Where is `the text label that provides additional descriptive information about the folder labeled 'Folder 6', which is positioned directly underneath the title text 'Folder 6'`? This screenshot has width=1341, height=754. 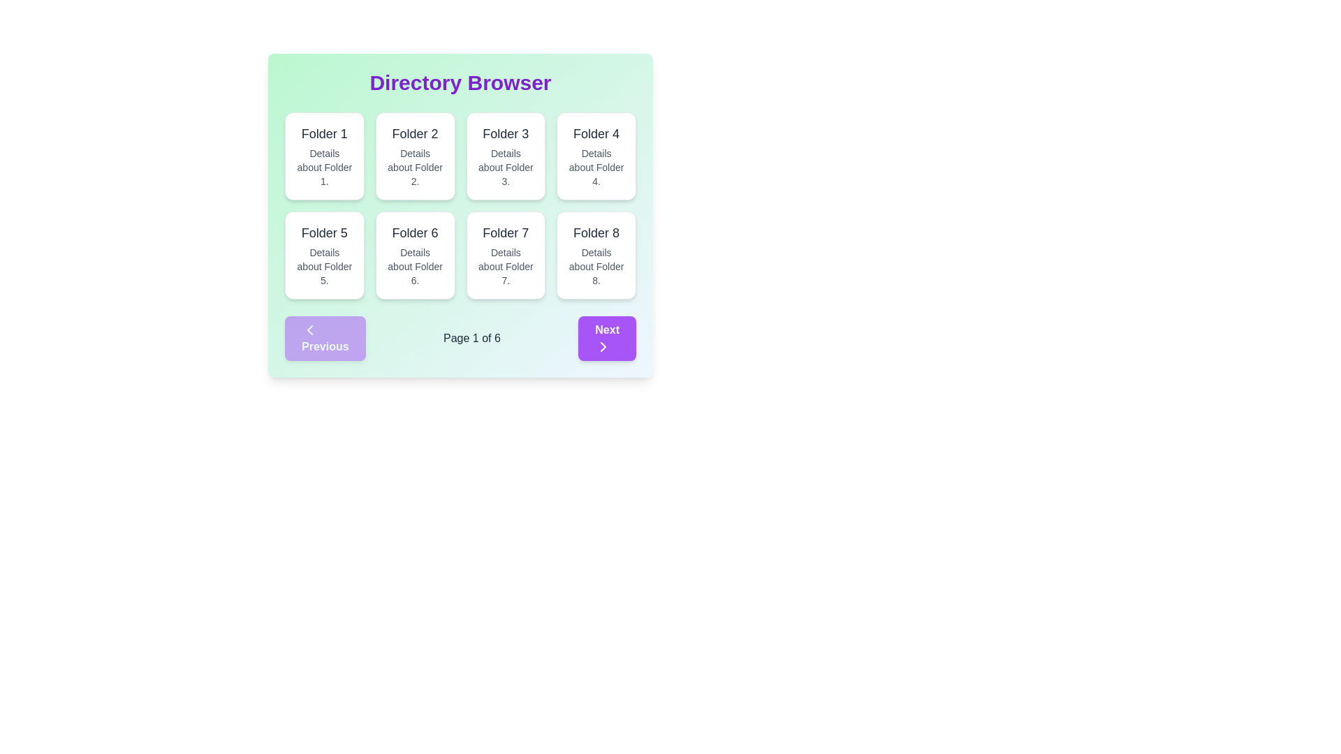
the text label that provides additional descriptive information about the folder labeled 'Folder 6', which is positioned directly underneath the title text 'Folder 6' is located at coordinates (414, 266).